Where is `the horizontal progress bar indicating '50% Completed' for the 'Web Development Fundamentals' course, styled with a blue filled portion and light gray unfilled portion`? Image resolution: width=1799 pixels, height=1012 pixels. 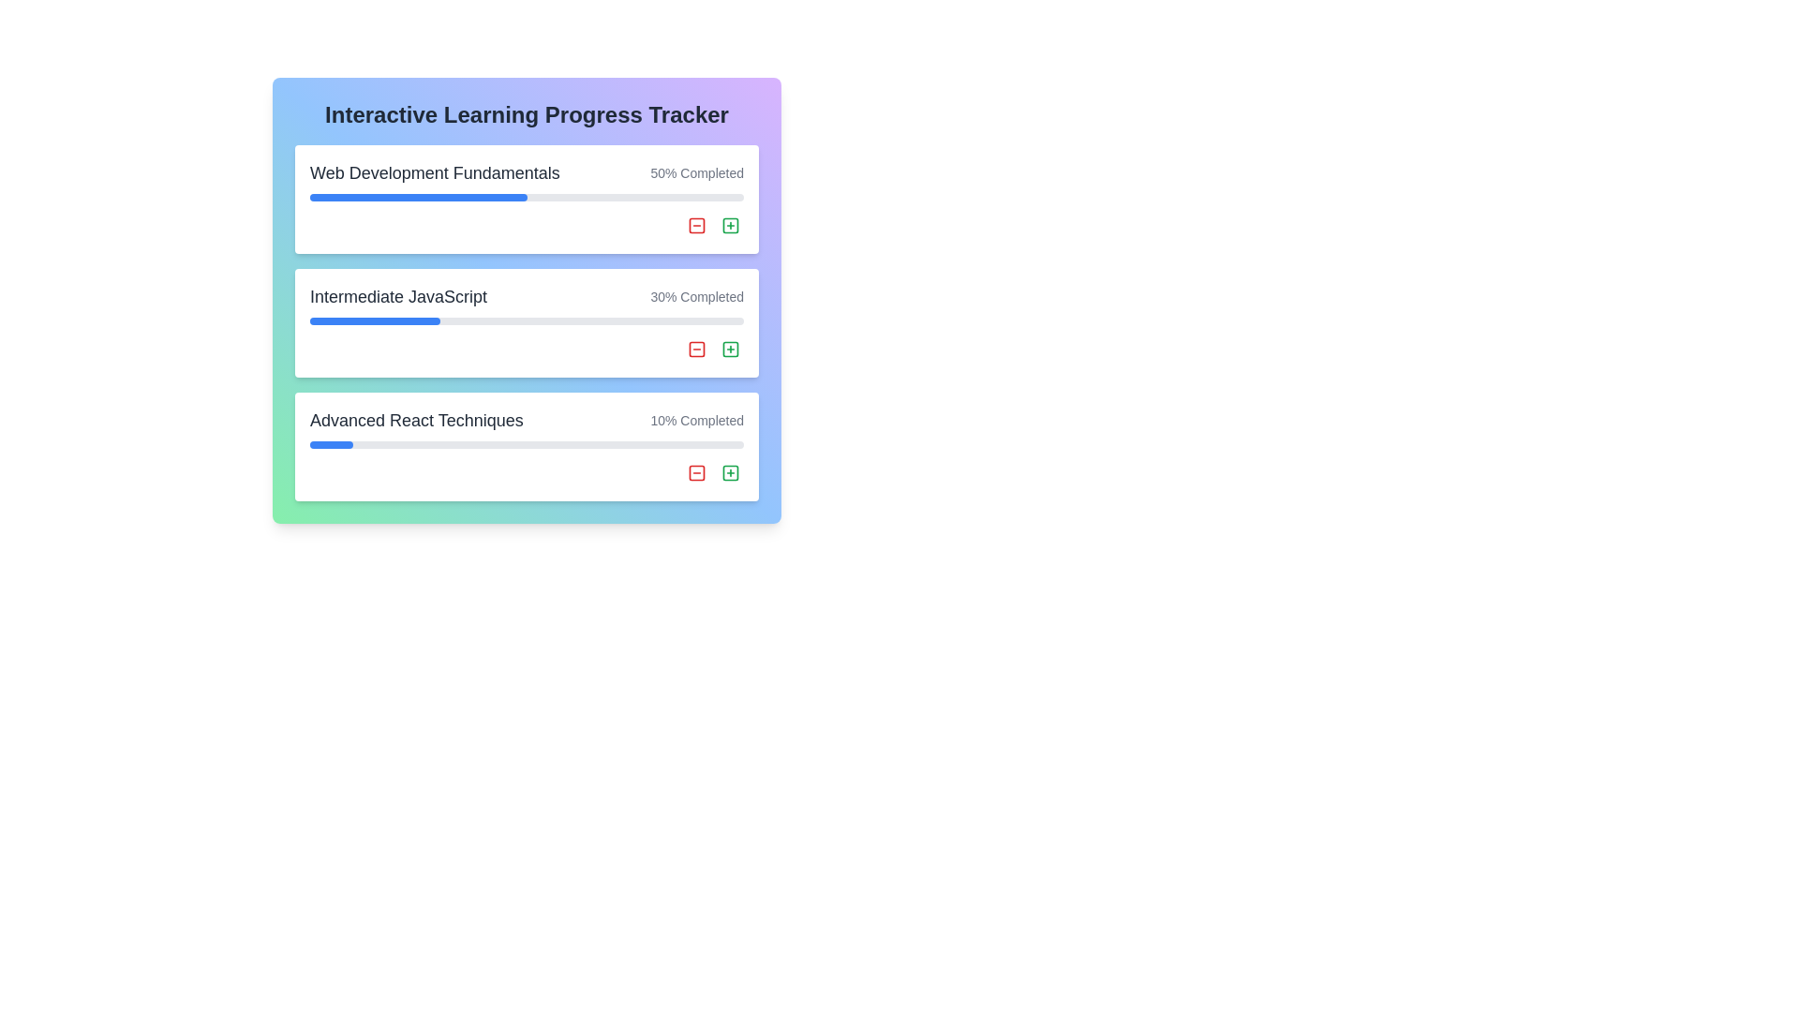 the horizontal progress bar indicating '50% Completed' for the 'Web Development Fundamentals' course, styled with a blue filled portion and light gray unfilled portion is located at coordinates (526, 198).